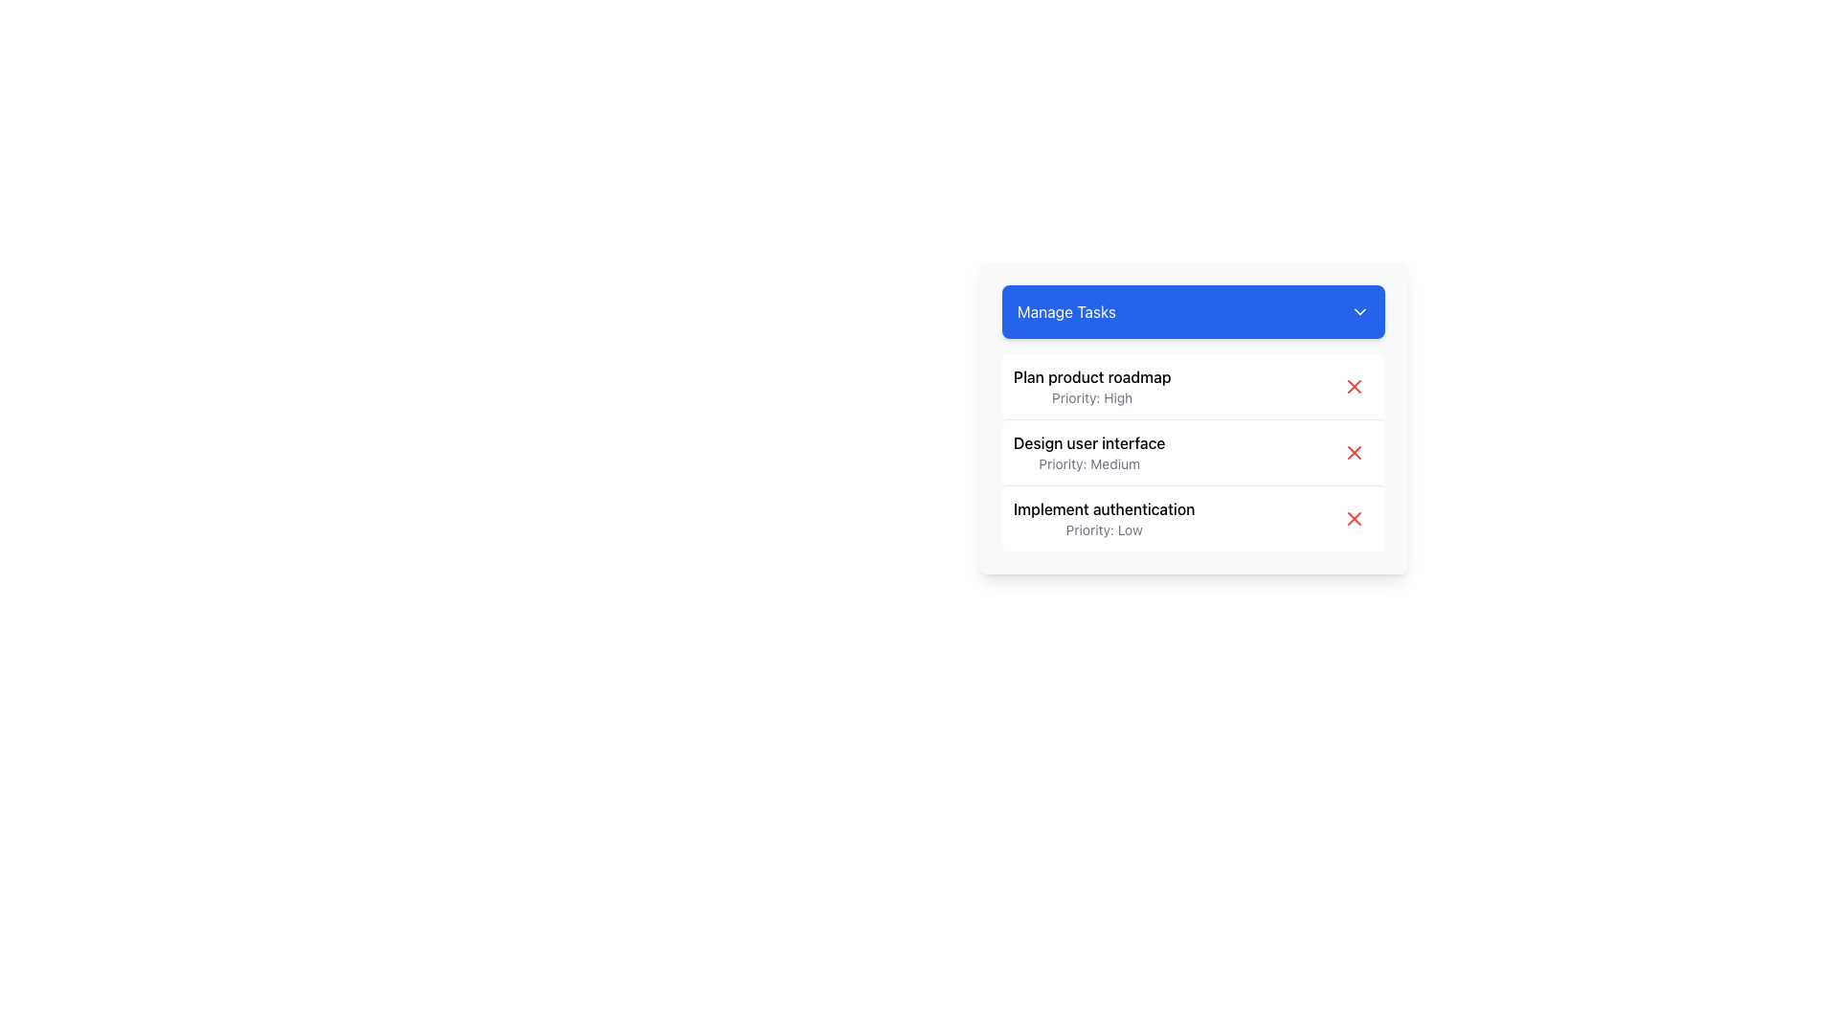  What do you see at coordinates (1193, 387) in the screenshot?
I see `the first task entry in the task management list to observe any hover effects` at bounding box center [1193, 387].